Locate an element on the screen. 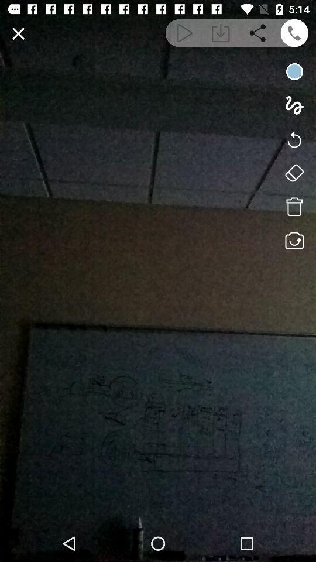  the call icon is located at coordinates (294, 32).